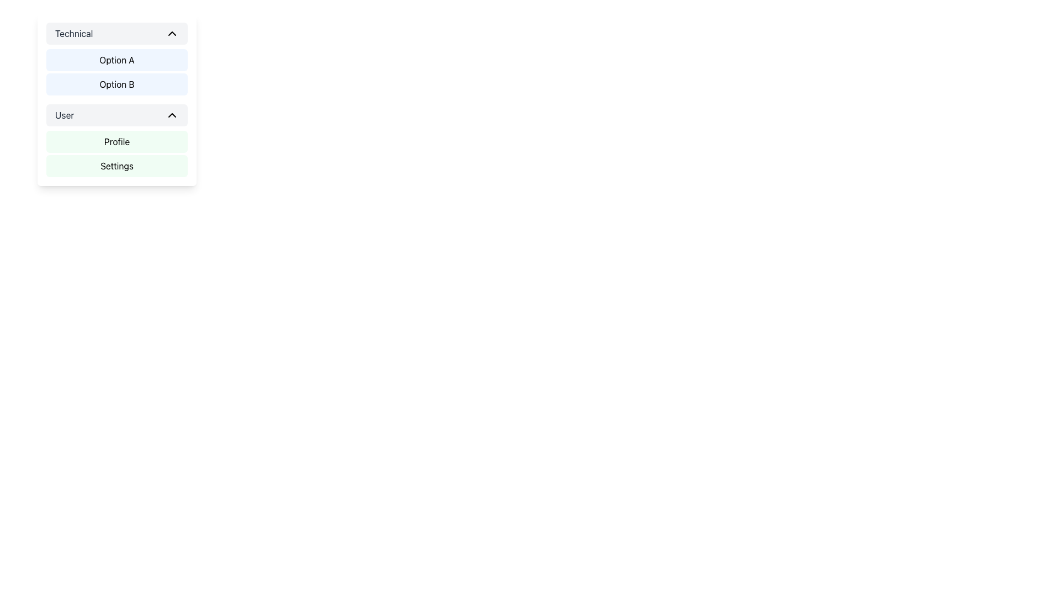 This screenshot has width=1060, height=596. I want to click on the options of the 'Technical' dropdown menu, so click(116, 59).